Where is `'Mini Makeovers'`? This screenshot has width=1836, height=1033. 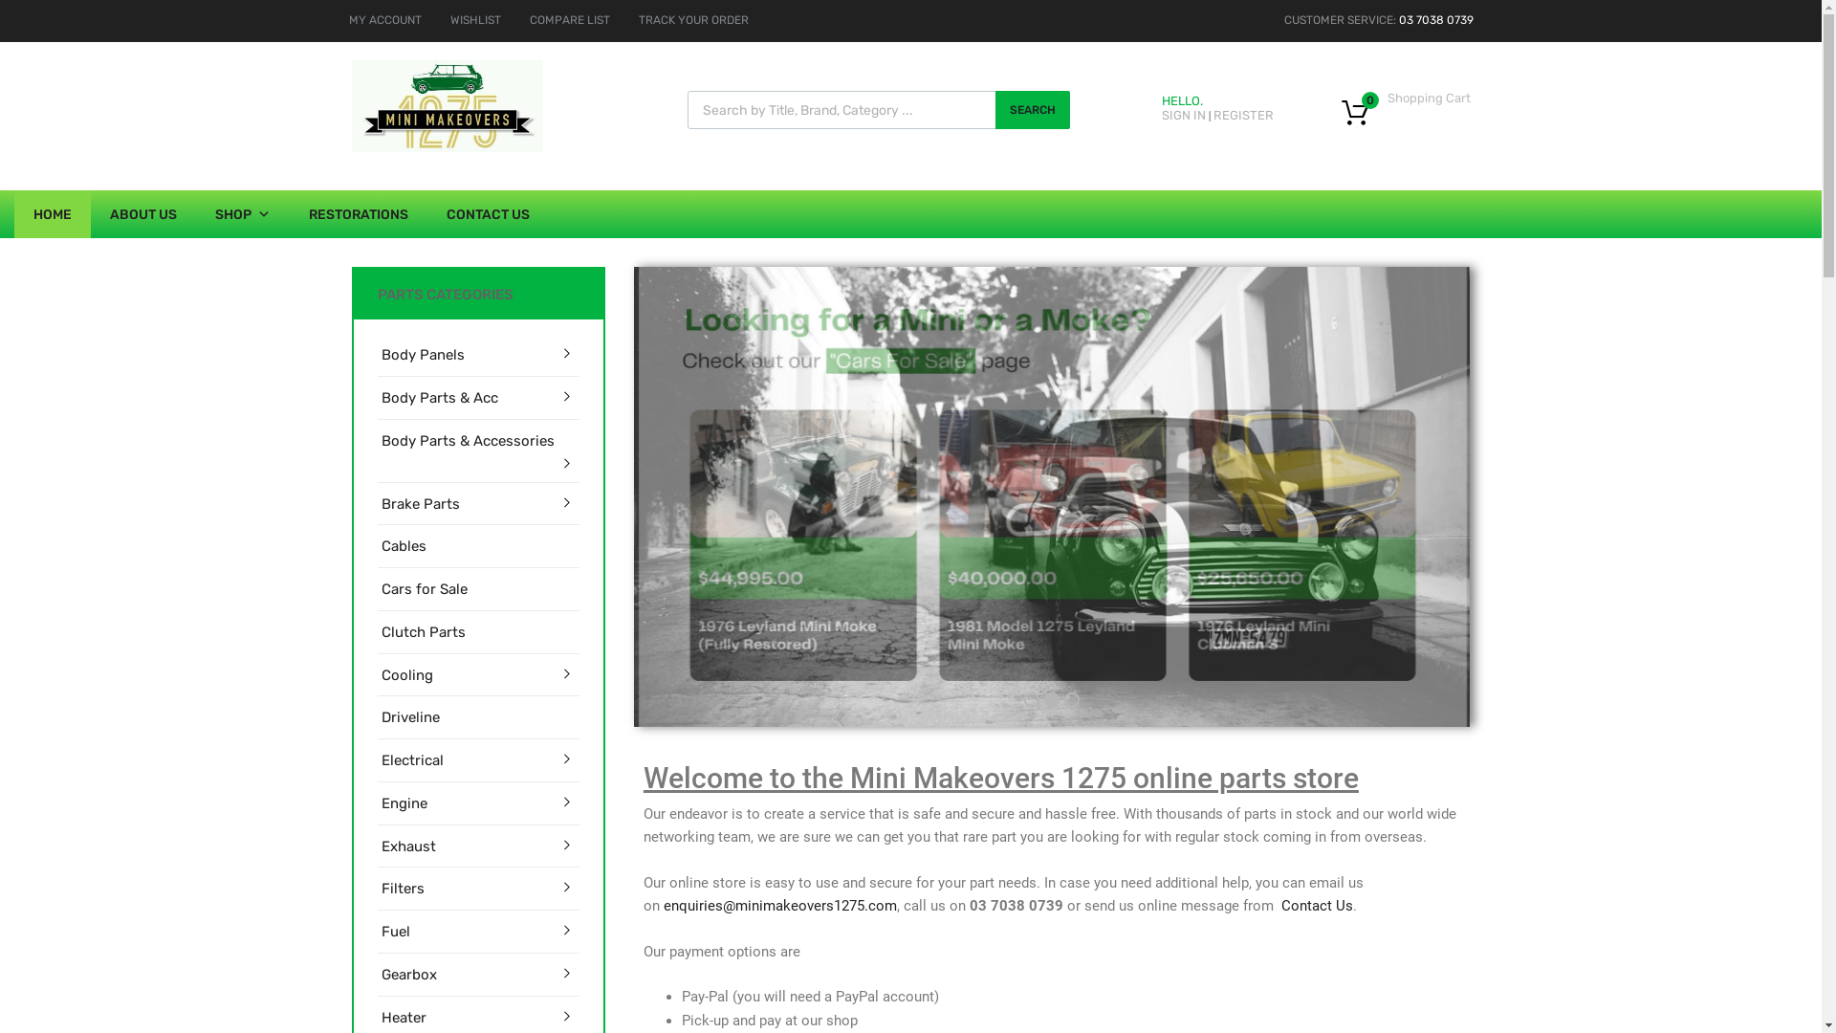 'Mini Makeovers' is located at coordinates (447, 146).